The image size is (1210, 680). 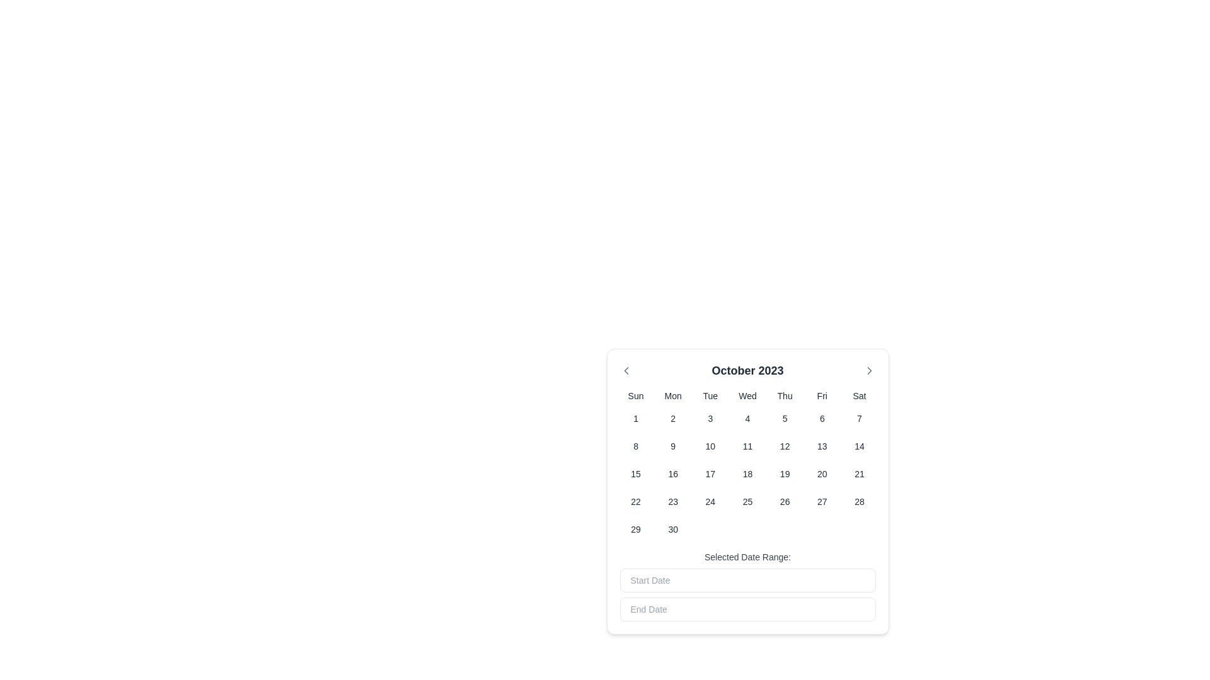 What do you see at coordinates (747, 501) in the screenshot?
I see `the interactive calendar day selection button for October 25th, 2023` at bounding box center [747, 501].